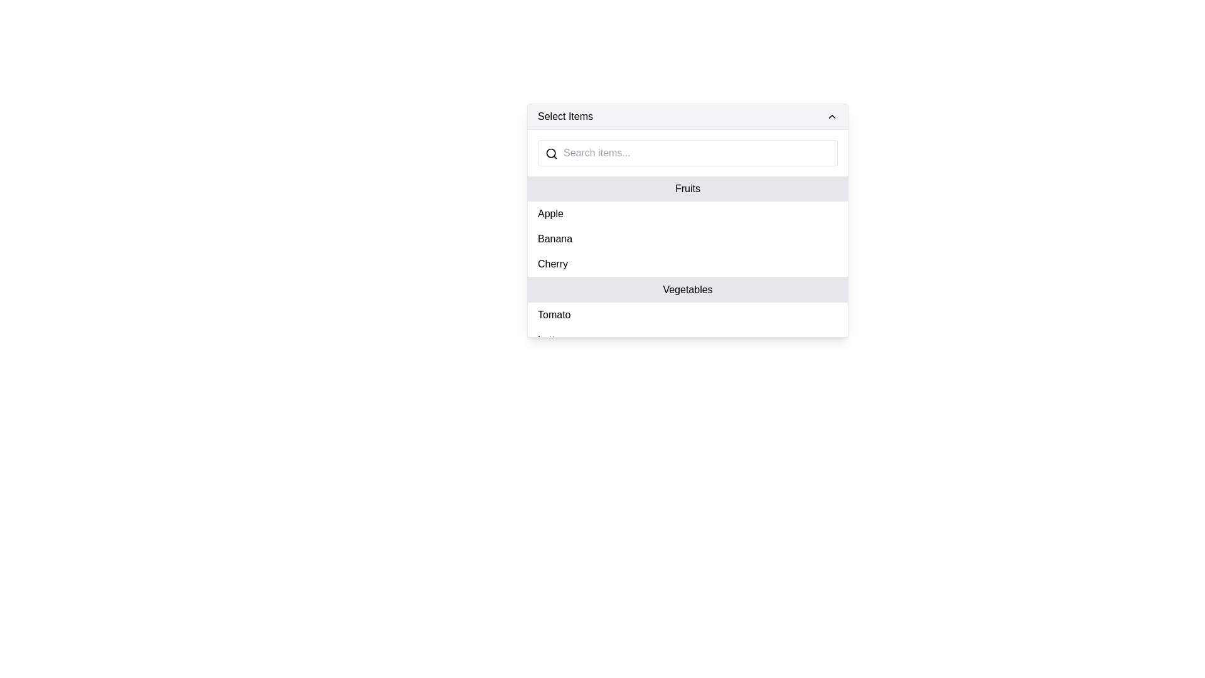 This screenshot has height=678, width=1205. I want to click on the second item labeled 'Lettuce' in the 'Vegetables' section of the dropdown menu, so click(687, 340).